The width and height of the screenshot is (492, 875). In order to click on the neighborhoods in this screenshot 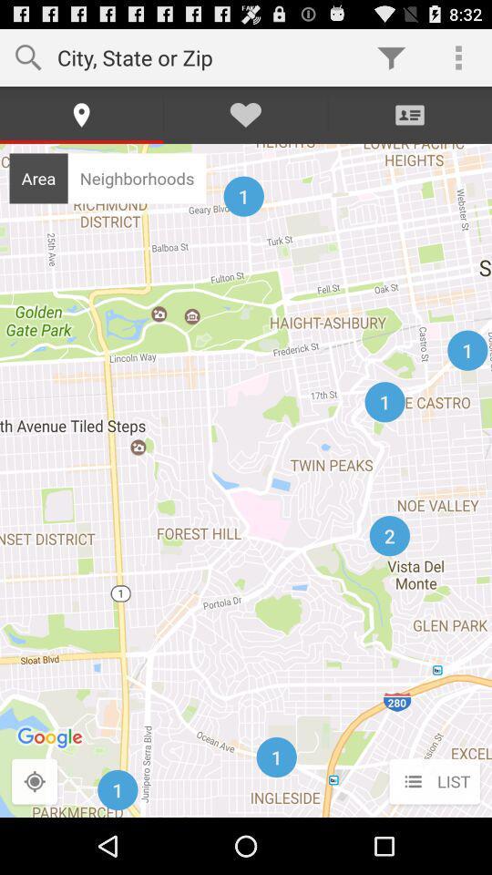, I will do `click(136, 178)`.